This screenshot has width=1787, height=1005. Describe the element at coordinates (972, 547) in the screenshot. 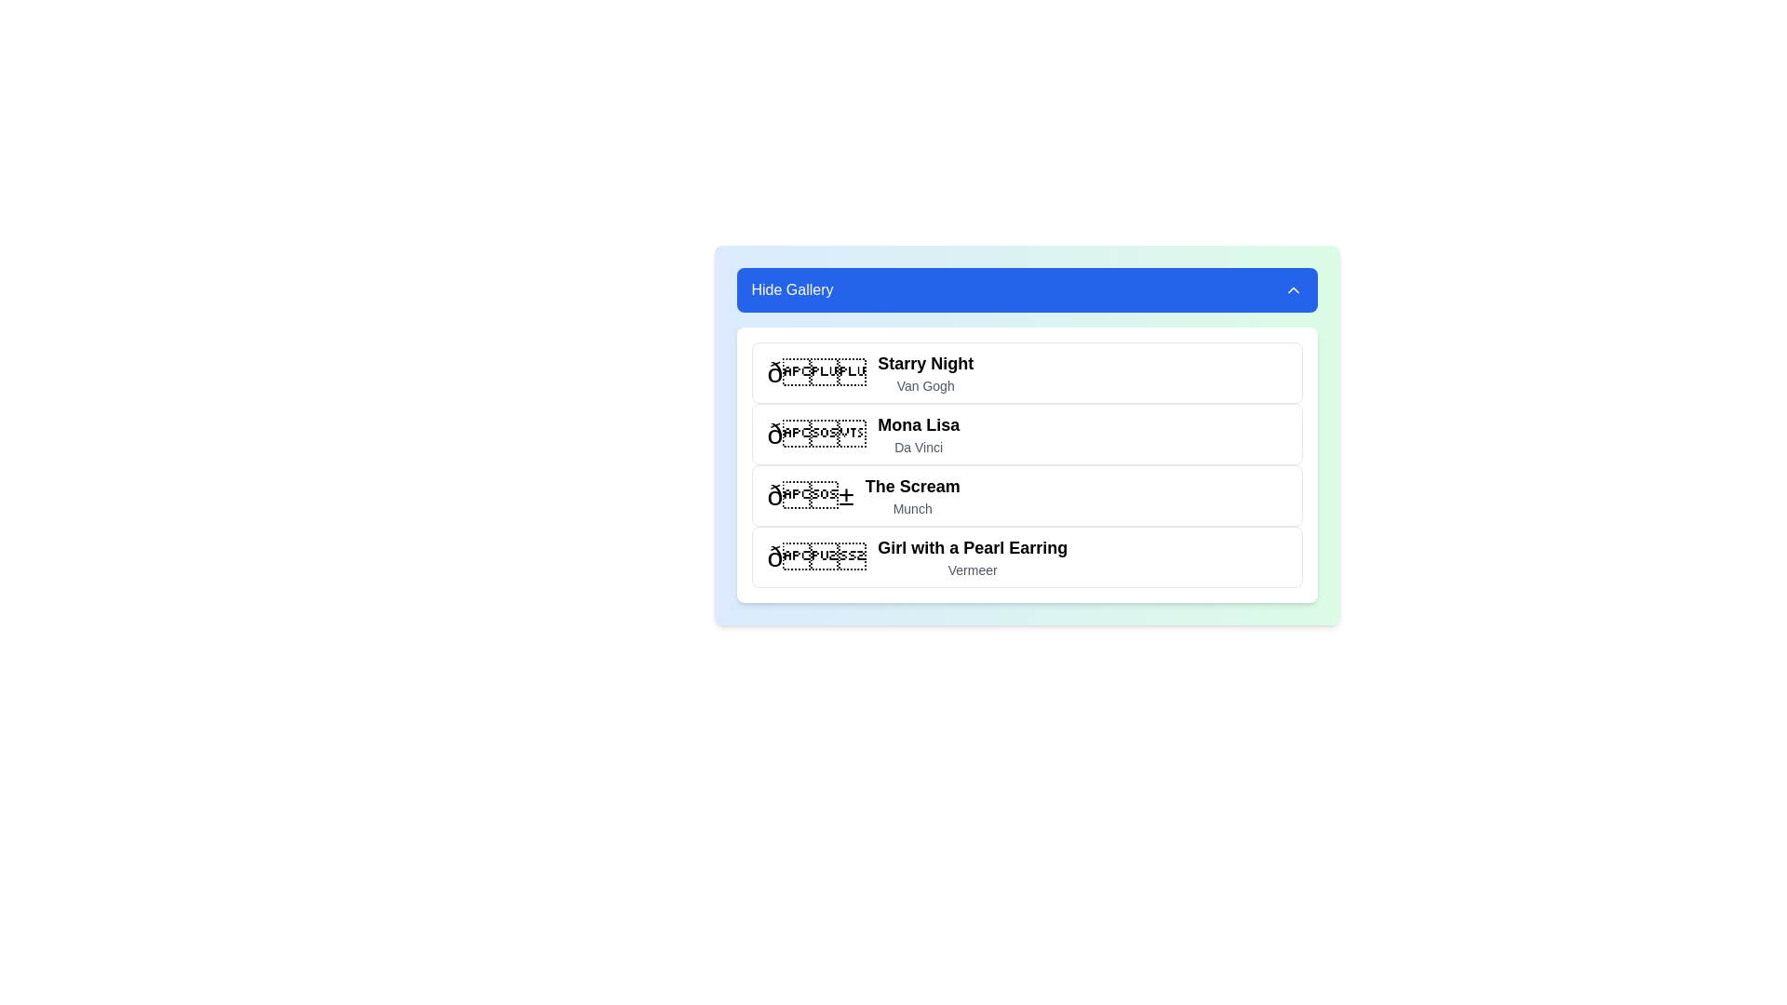

I see `the bold text label that reads 'Girl with a Pearl Earring'` at that location.